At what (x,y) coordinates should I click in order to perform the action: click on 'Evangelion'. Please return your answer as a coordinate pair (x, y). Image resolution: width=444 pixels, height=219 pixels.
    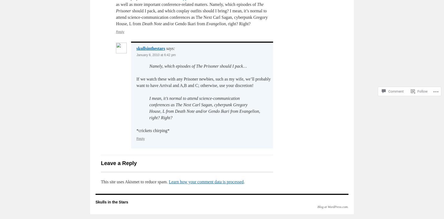
    Looking at the image, I should click on (216, 23).